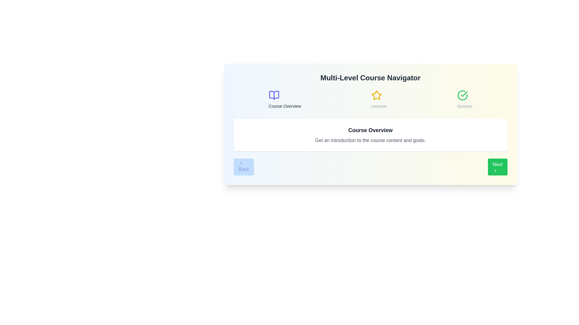 Image resolution: width=579 pixels, height=325 pixels. What do you see at coordinates (498, 167) in the screenshot?
I see `the 'Next' button to navigate to the next course` at bounding box center [498, 167].